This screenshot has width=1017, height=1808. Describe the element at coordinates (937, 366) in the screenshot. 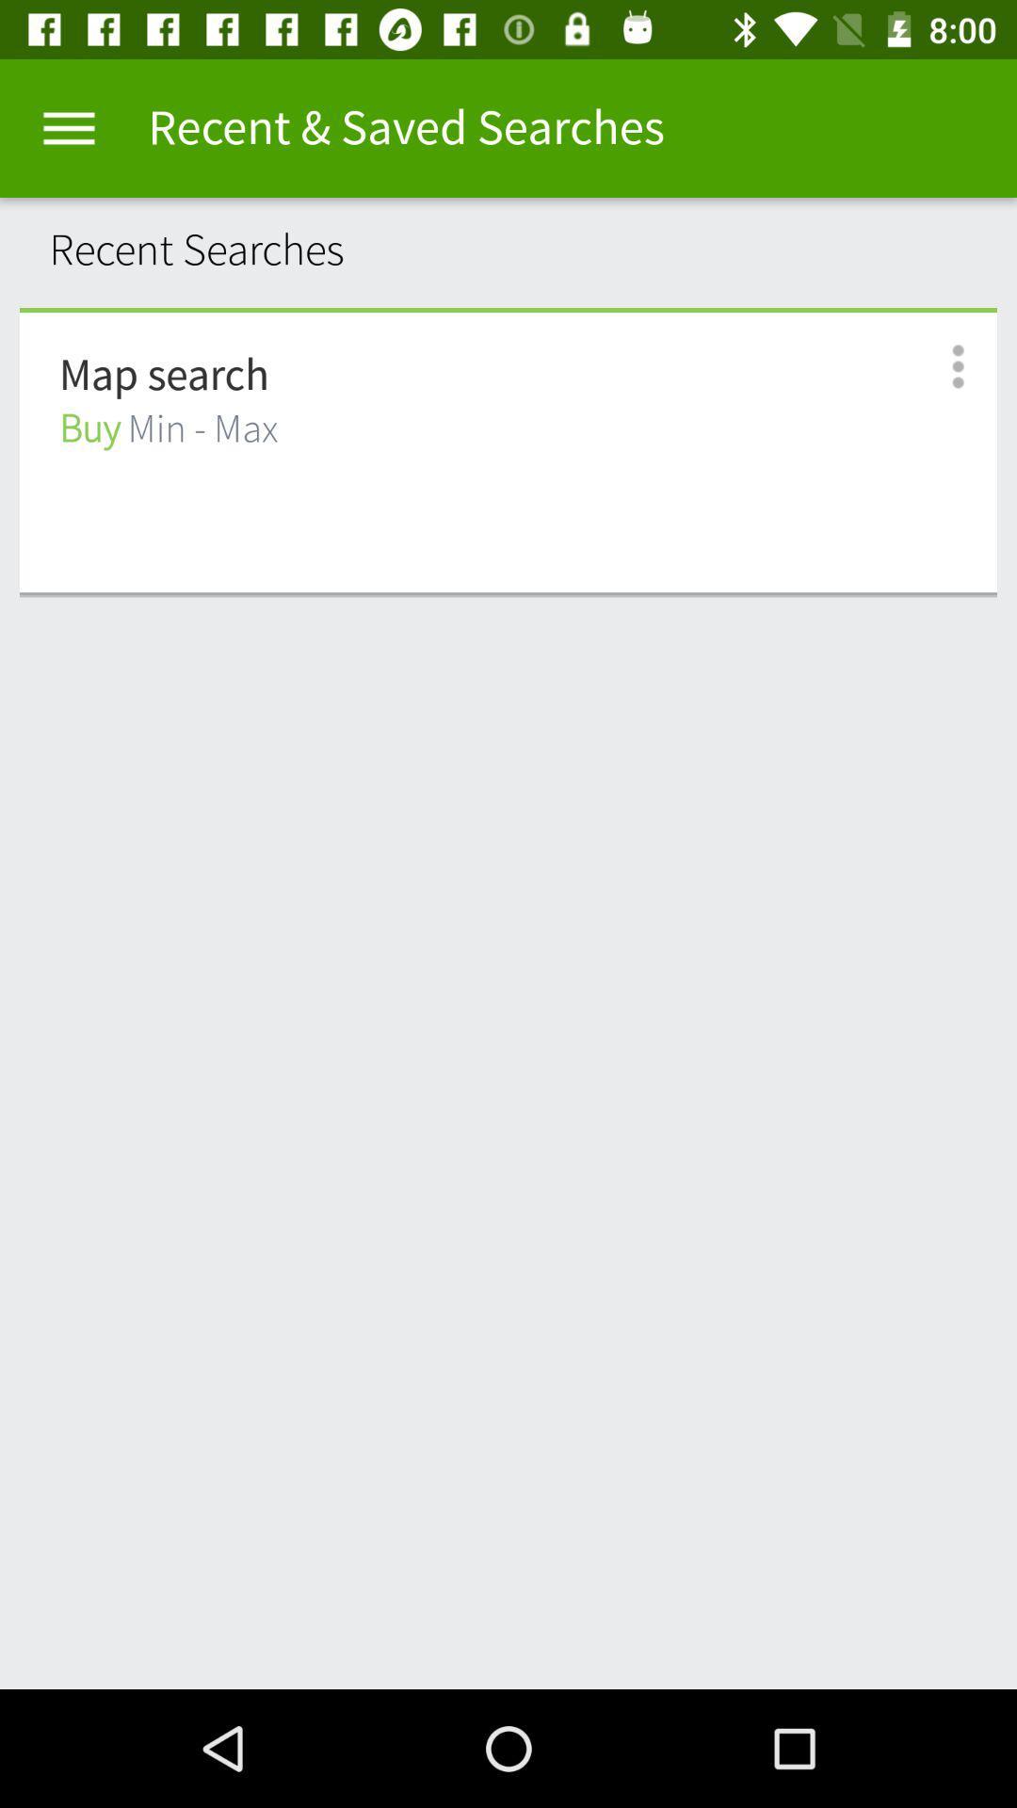

I see `the icon to the right of buy min - max icon` at that location.